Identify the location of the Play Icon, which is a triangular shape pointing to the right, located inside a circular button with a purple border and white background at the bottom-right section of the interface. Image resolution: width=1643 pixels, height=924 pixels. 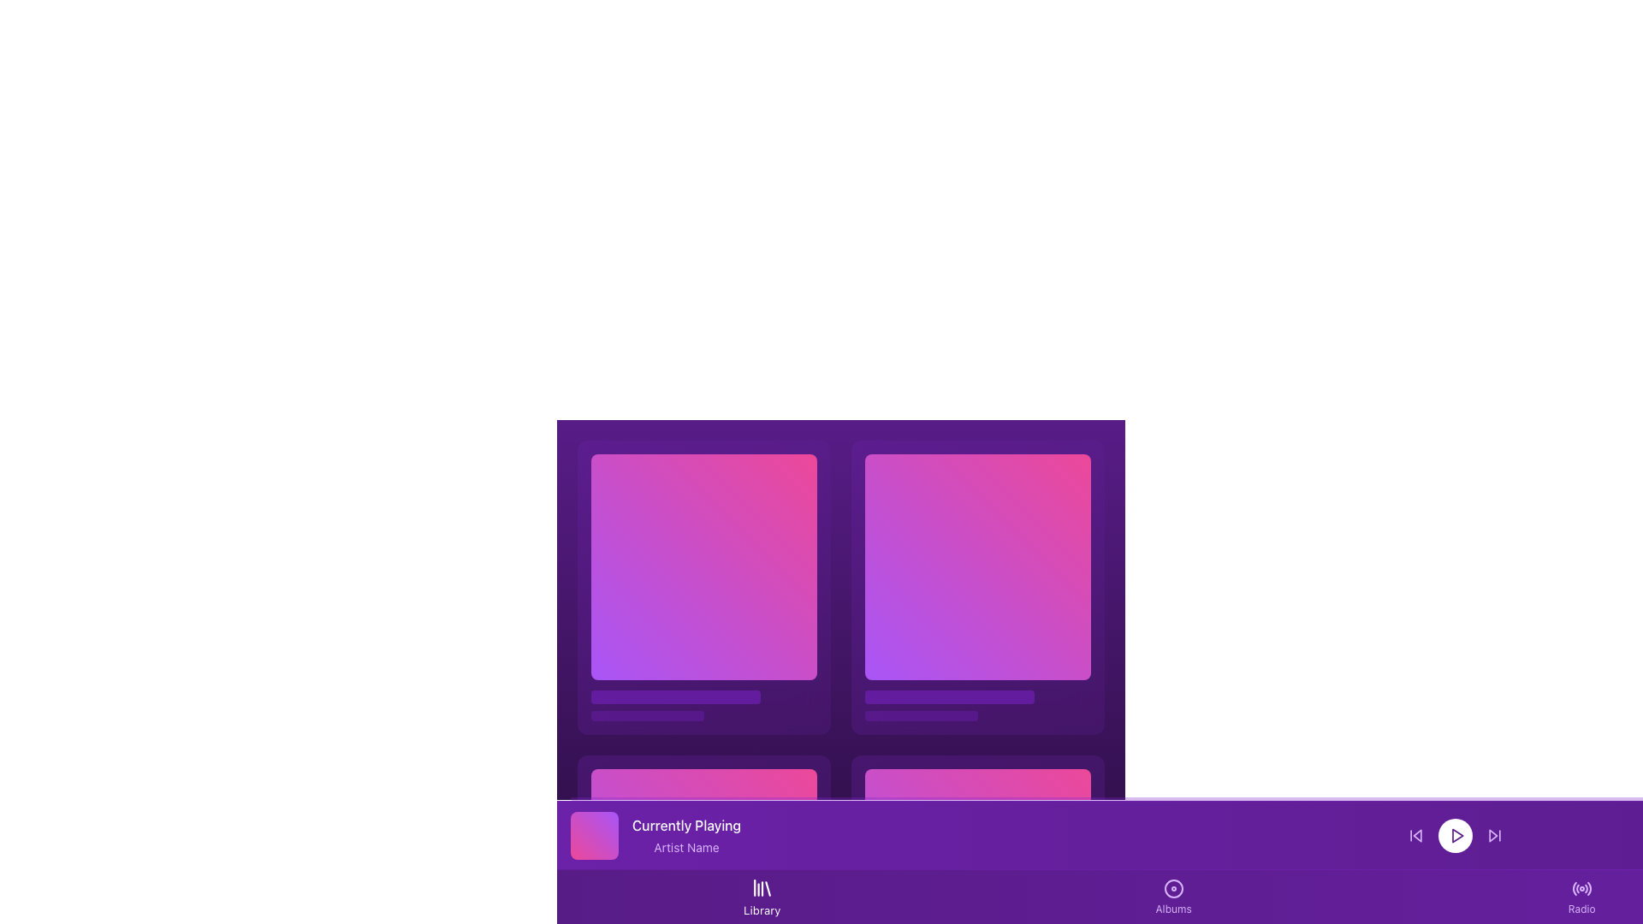
(1456, 834).